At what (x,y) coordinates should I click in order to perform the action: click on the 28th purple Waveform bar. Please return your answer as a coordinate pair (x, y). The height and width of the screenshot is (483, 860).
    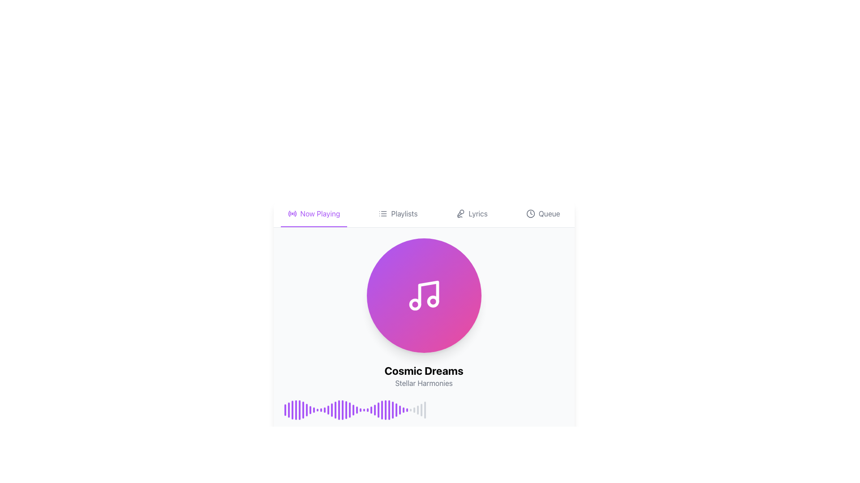
    Looking at the image, I should click on (385, 410).